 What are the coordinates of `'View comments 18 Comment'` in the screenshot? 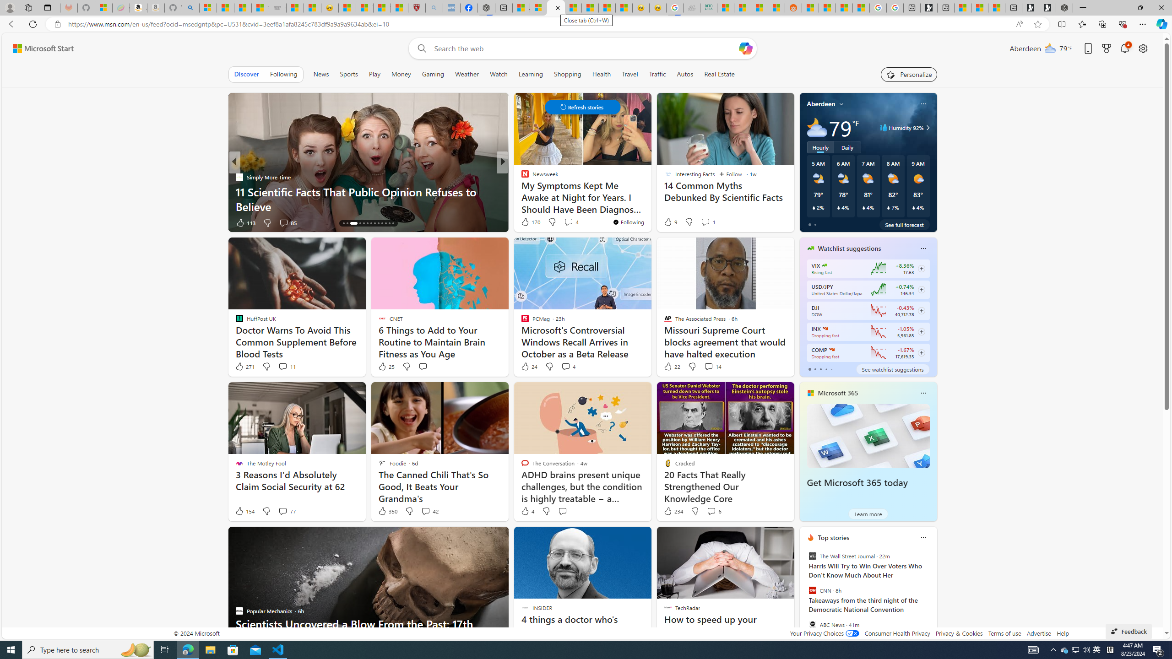 It's located at (569, 222).